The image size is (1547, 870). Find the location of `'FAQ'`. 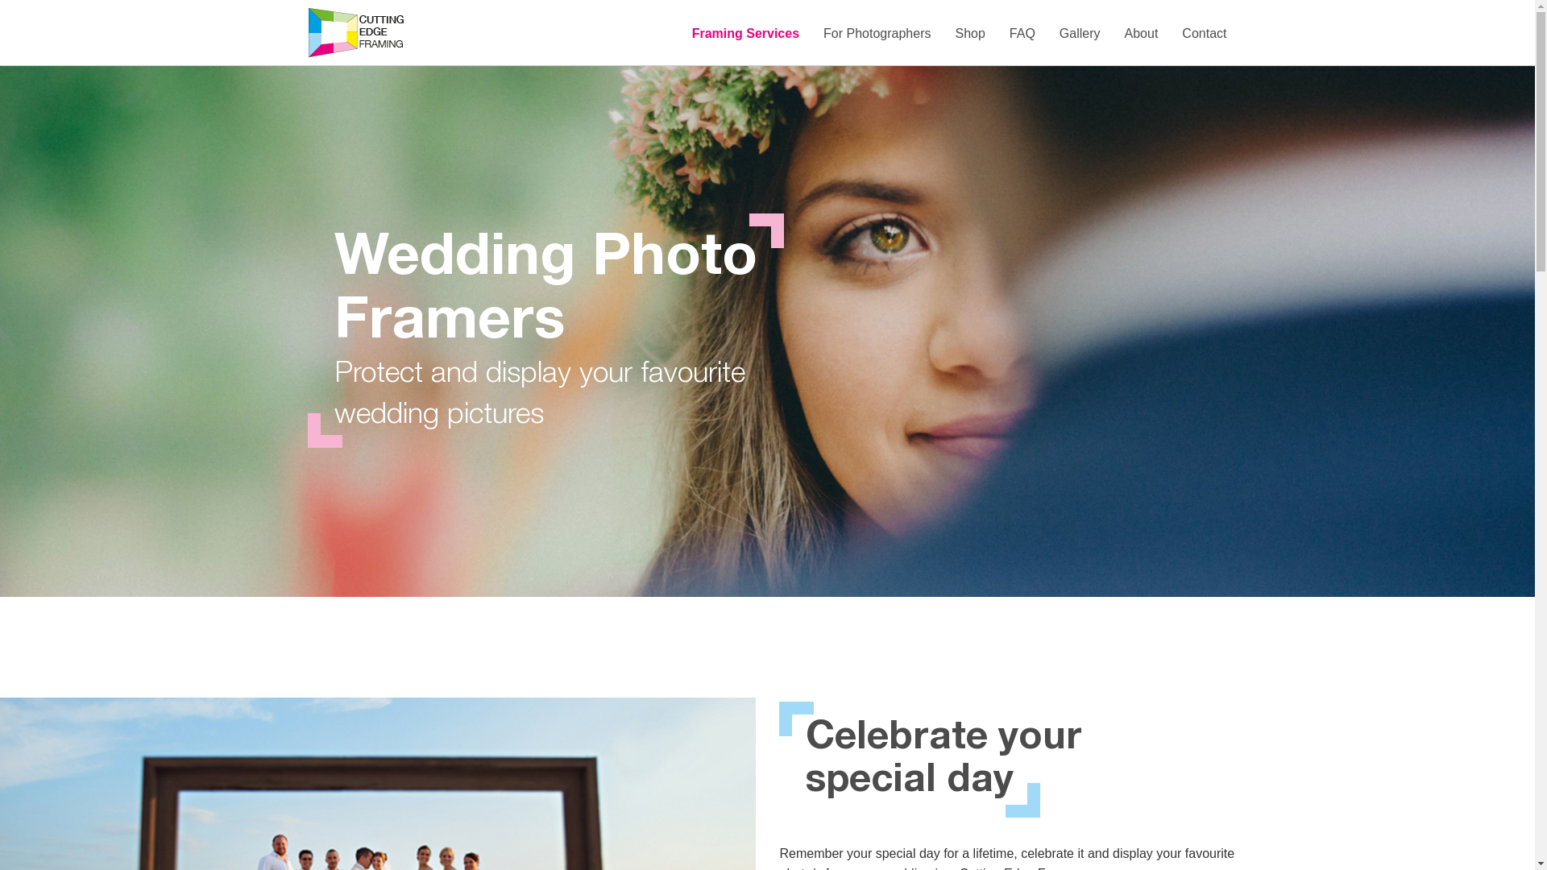

'FAQ' is located at coordinates (1021, 34).